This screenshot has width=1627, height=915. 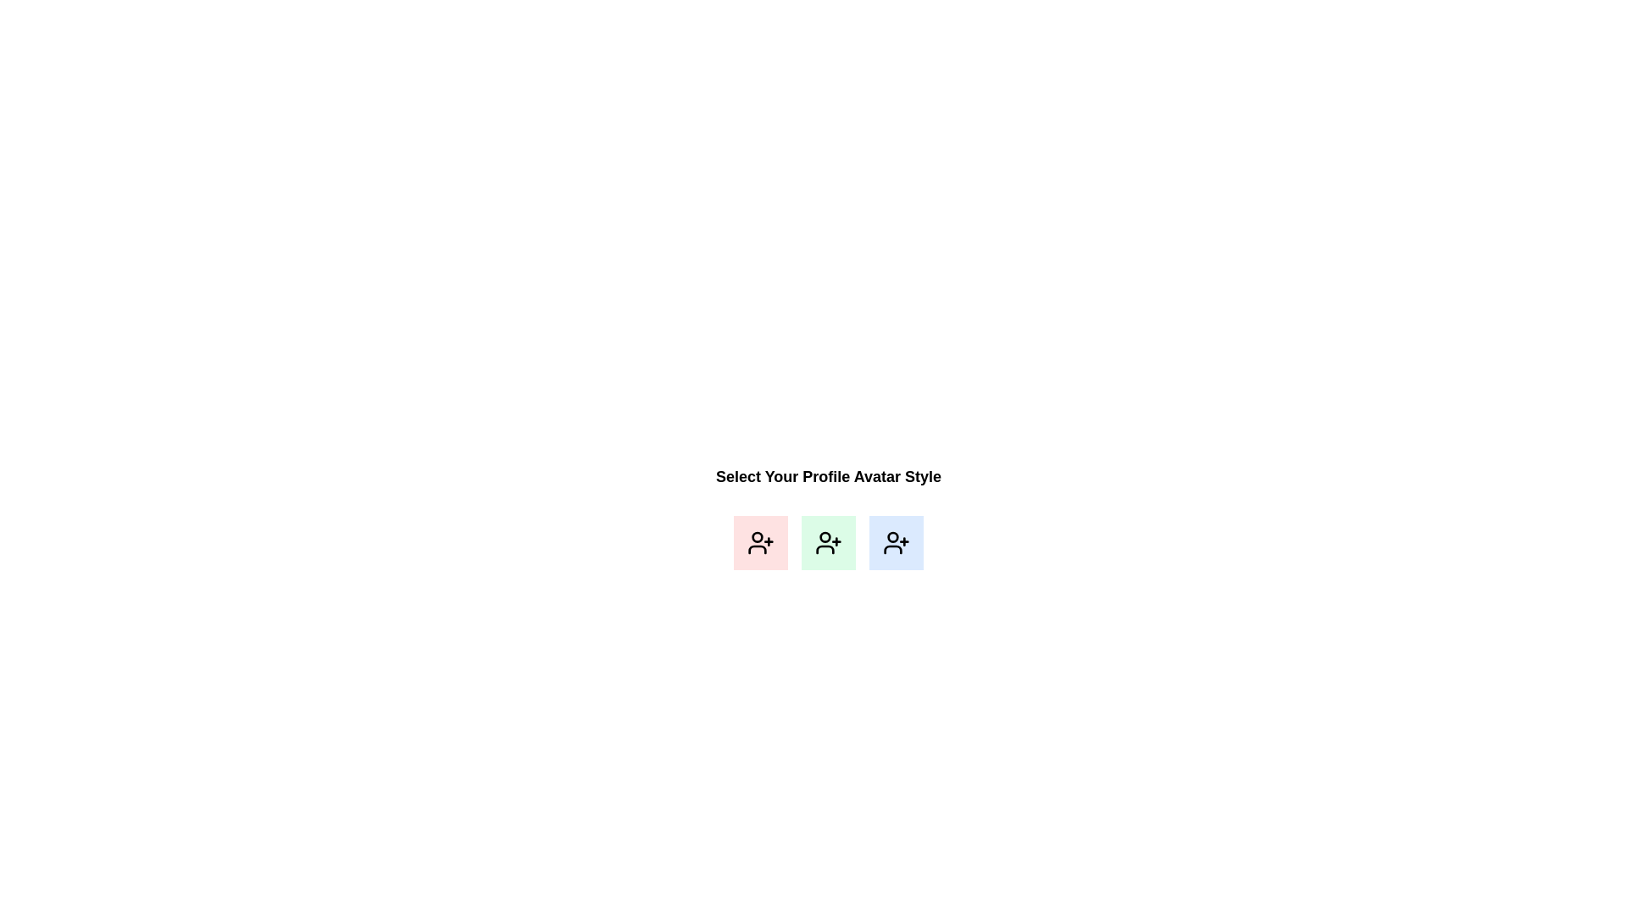 I want to click on the user-add icon button located in the central bottom part of the interface, below the label 'Select Your Profile Avatar Style', so click(x=895, y=542).